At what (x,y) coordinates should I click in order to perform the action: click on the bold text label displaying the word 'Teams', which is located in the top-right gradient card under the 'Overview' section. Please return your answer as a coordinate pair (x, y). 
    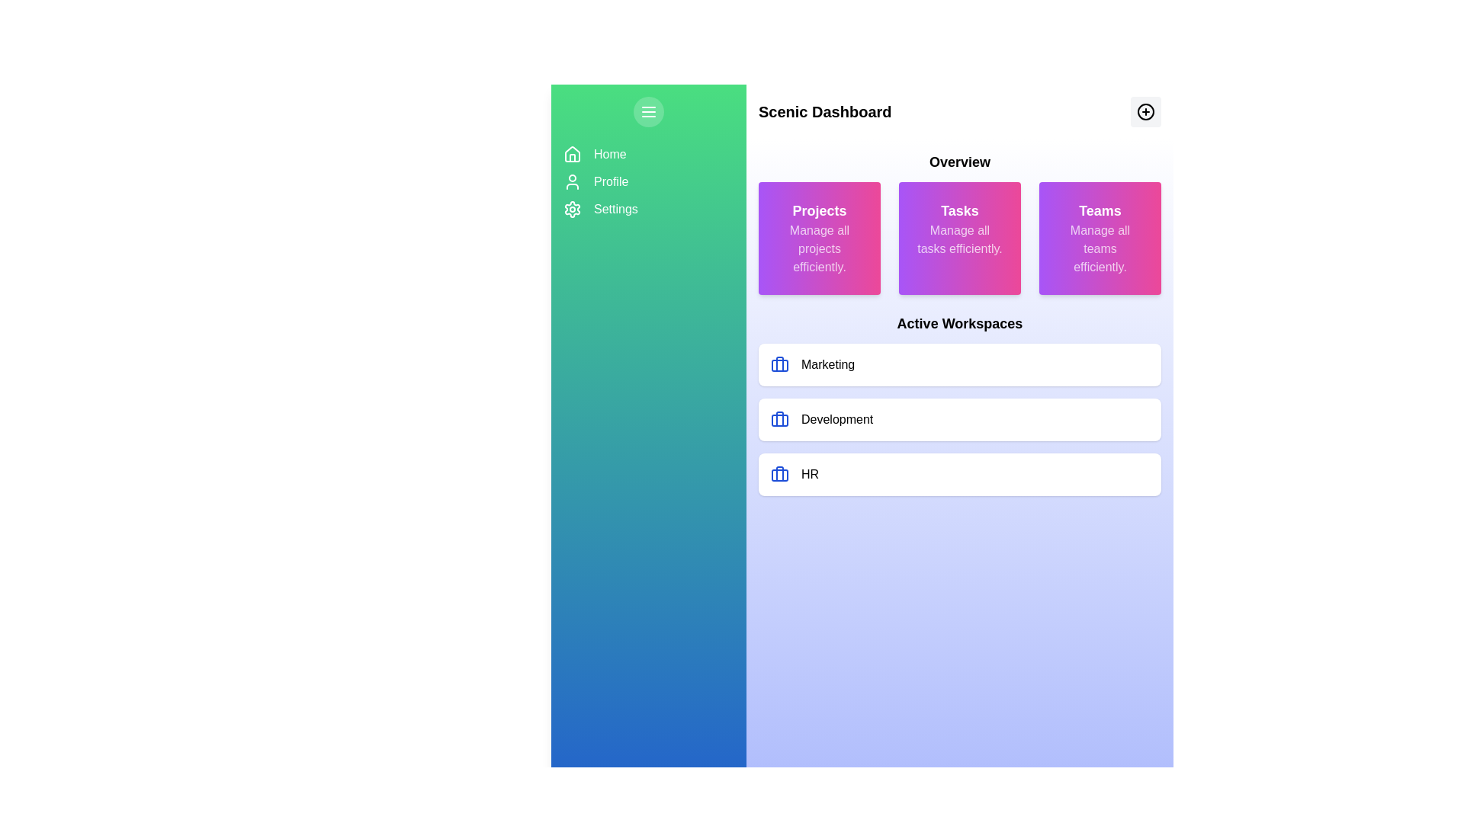
    Looking at the image, I should click on (1100, 211).